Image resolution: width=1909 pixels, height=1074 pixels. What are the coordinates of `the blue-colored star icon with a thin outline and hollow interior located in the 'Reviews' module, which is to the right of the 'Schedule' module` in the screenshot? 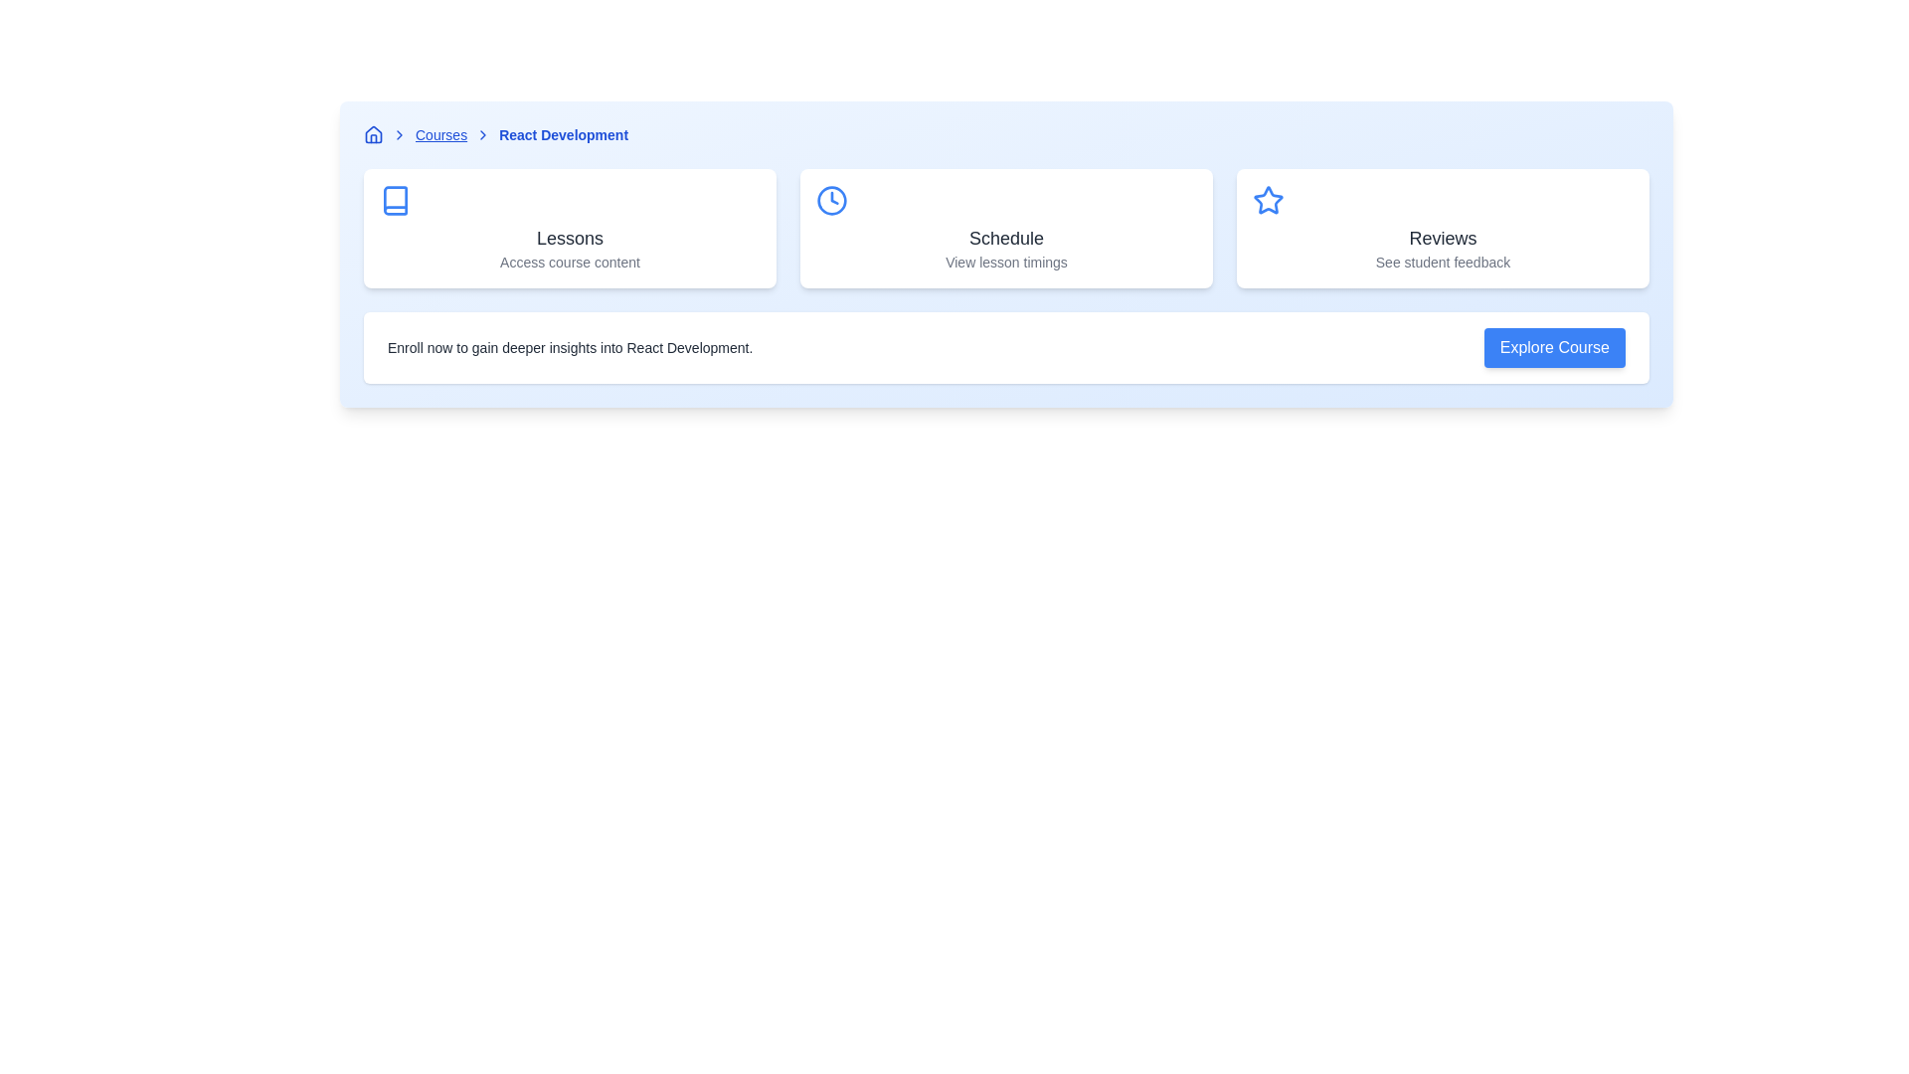 It's located at (1268, 200).